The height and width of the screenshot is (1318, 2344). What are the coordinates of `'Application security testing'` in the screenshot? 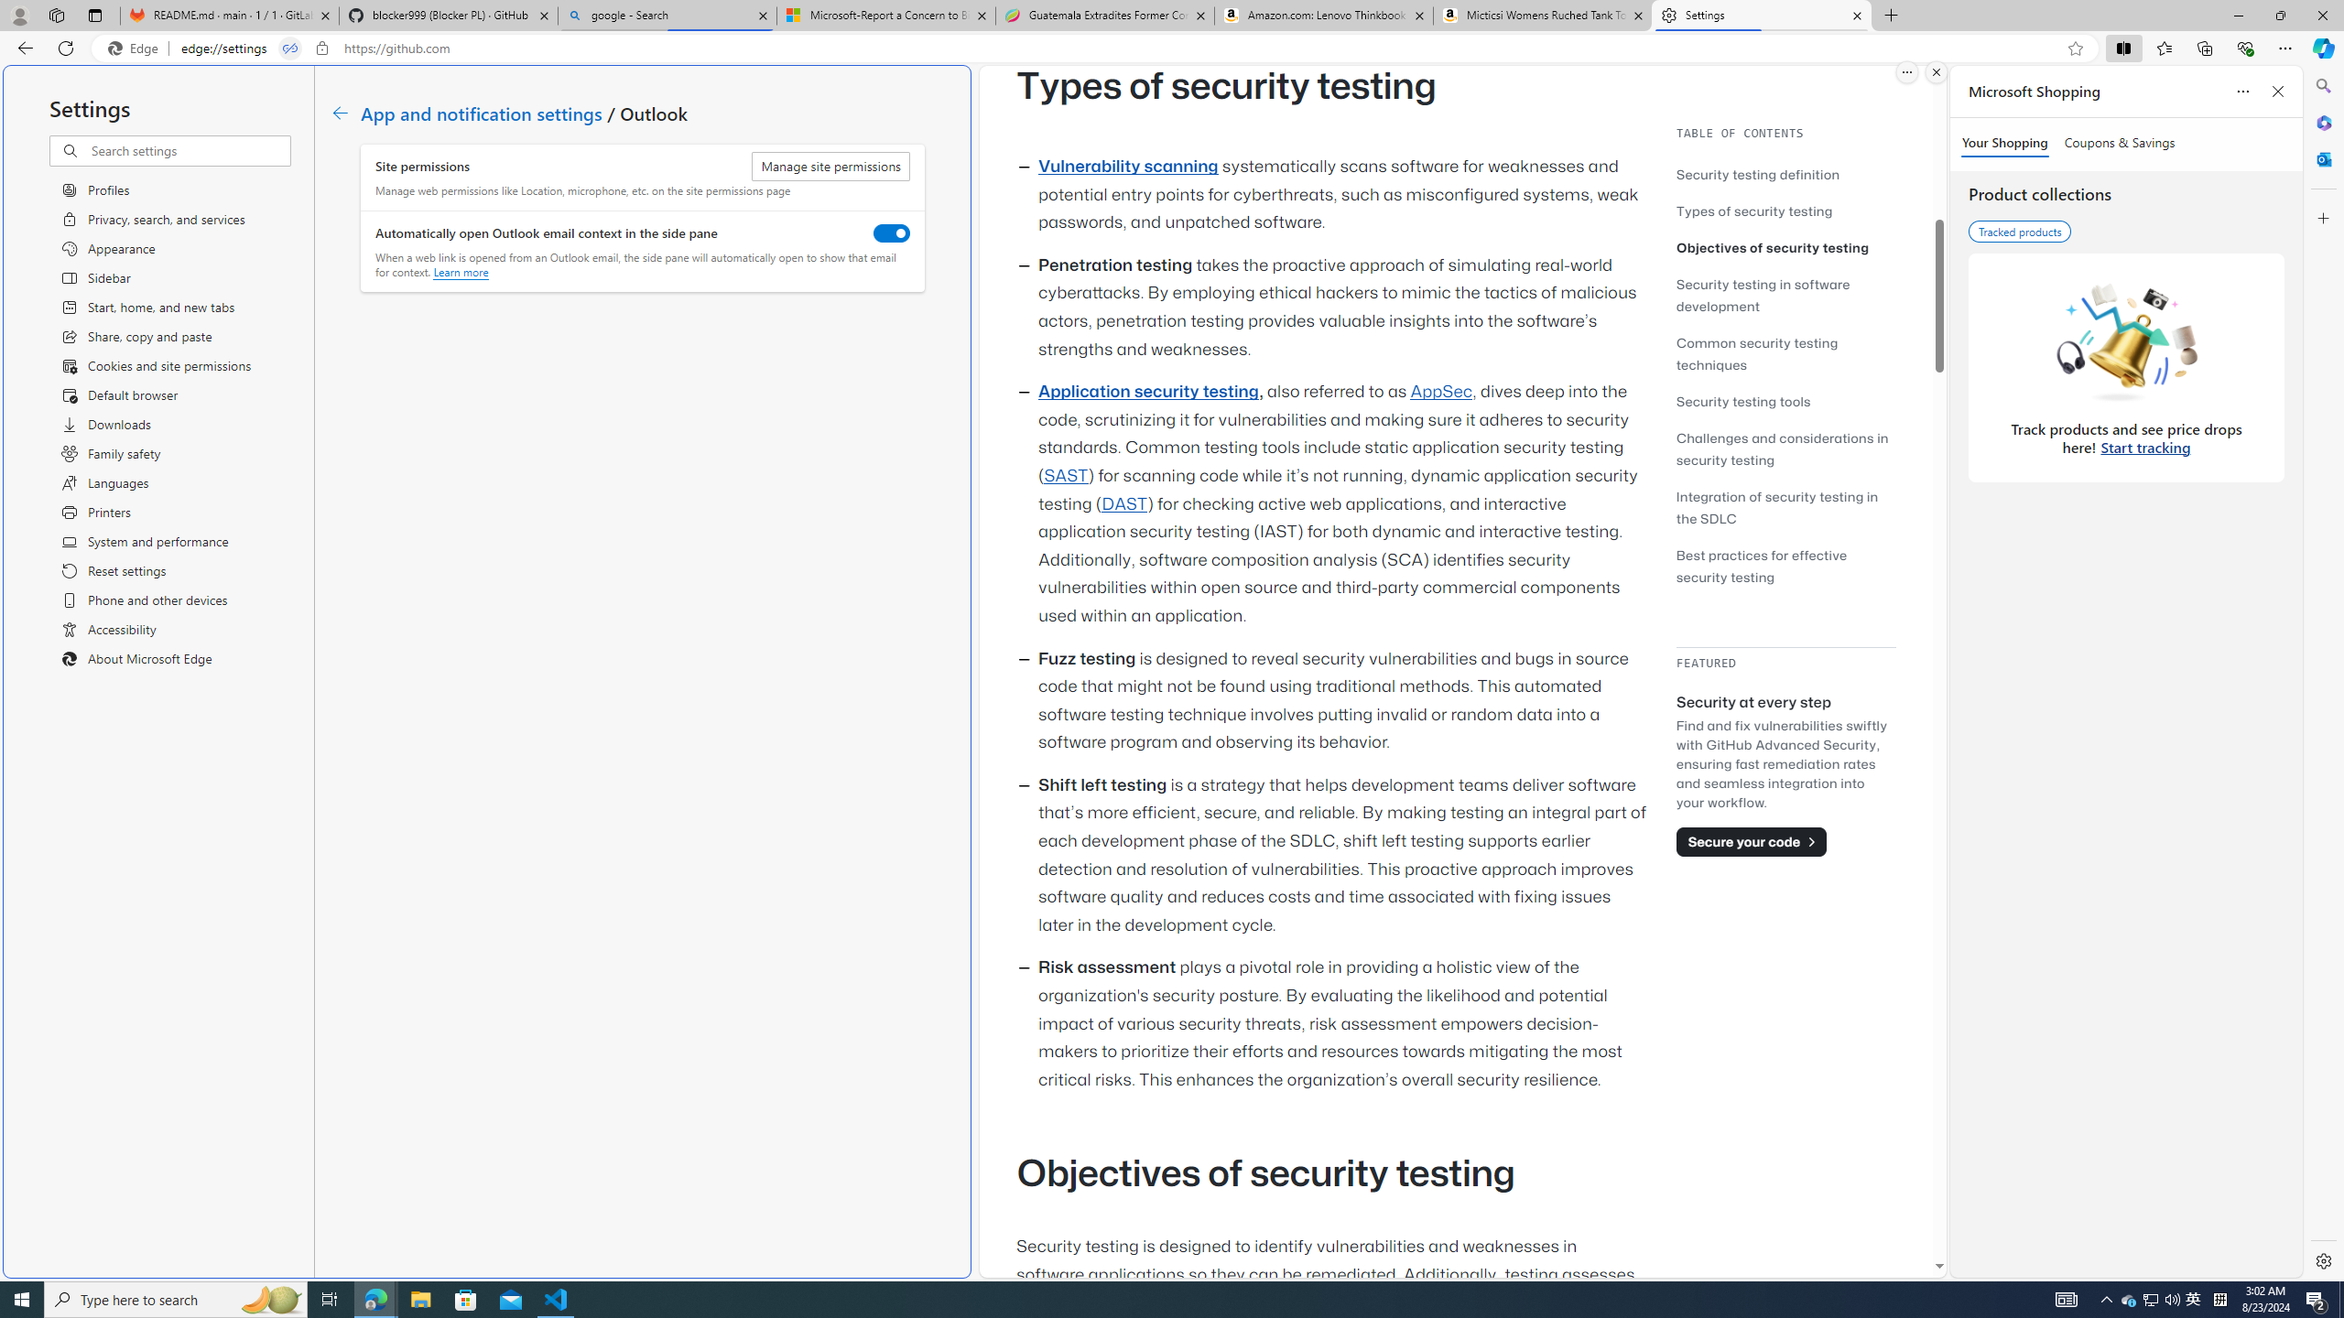 It's located at (1147, 392).